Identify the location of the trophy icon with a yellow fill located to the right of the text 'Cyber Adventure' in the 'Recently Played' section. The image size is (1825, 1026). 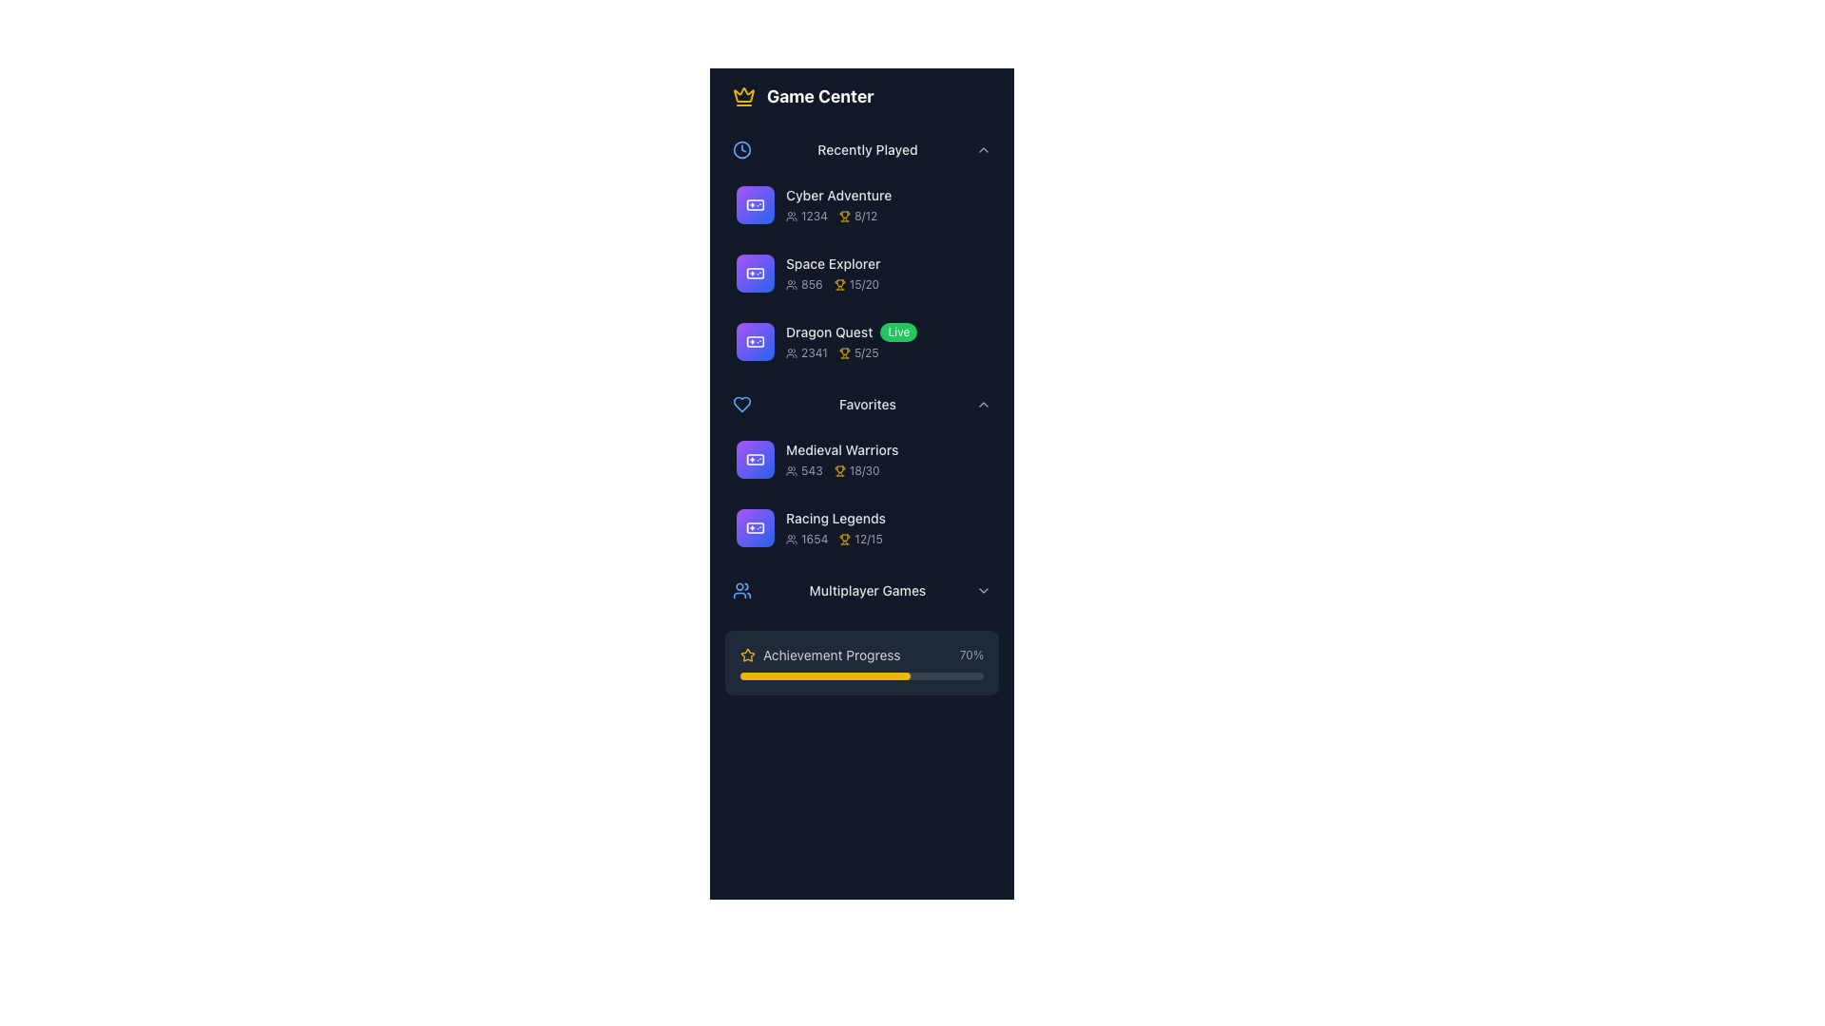
(844, 215).